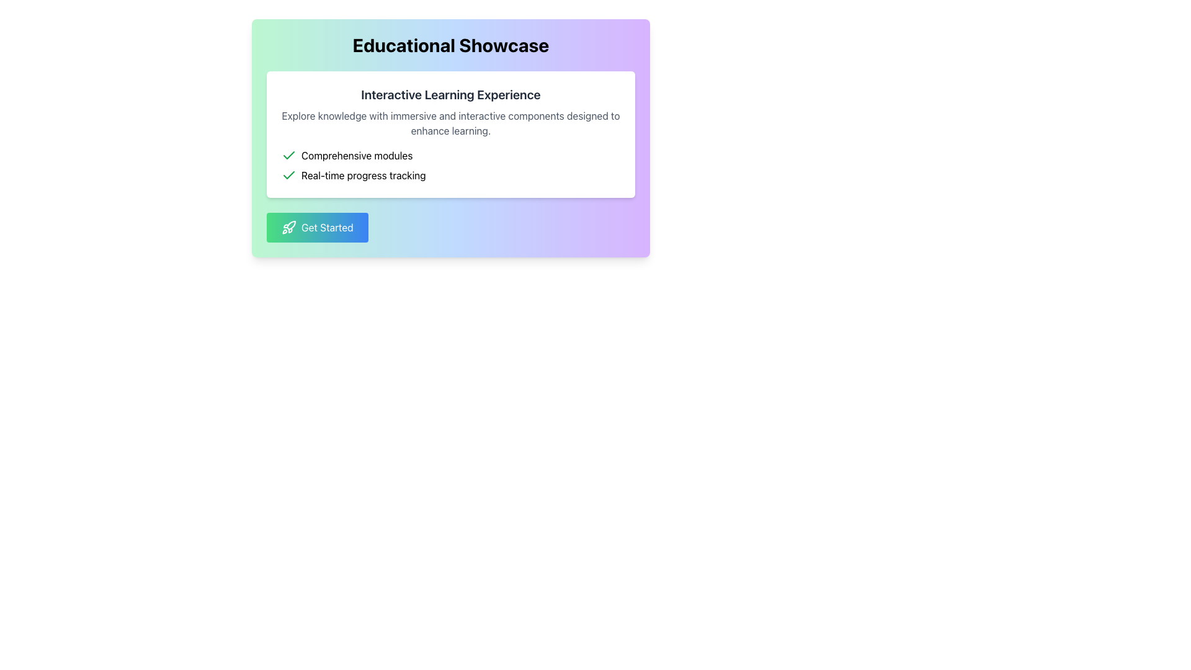 This screenshot has width=1191, height=670. What do you see at coordinates (327, 227) in the screenshot?
I see `the 'Get Started' static text label within the button` at bounding box center [327, 227].